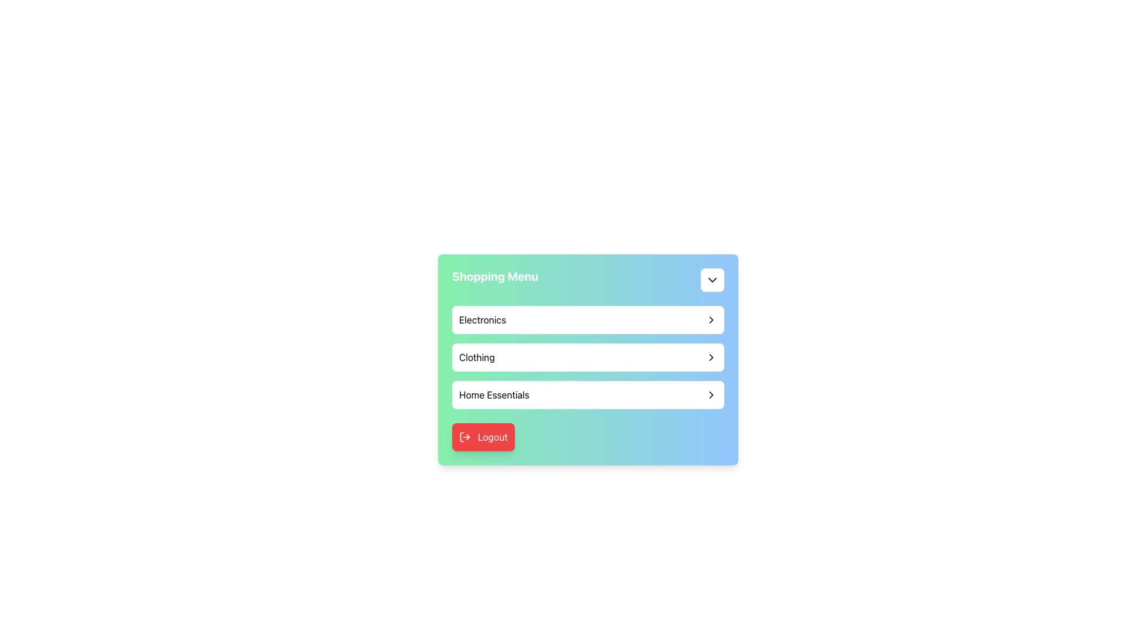 The height and width of the screenshot is (633, 1126). Describe the element at coordinates (711, 280) in the screenshot. I see `the Chevron Down Arrow icon located at the top-right corner of the Shopping Menu card` at that location.